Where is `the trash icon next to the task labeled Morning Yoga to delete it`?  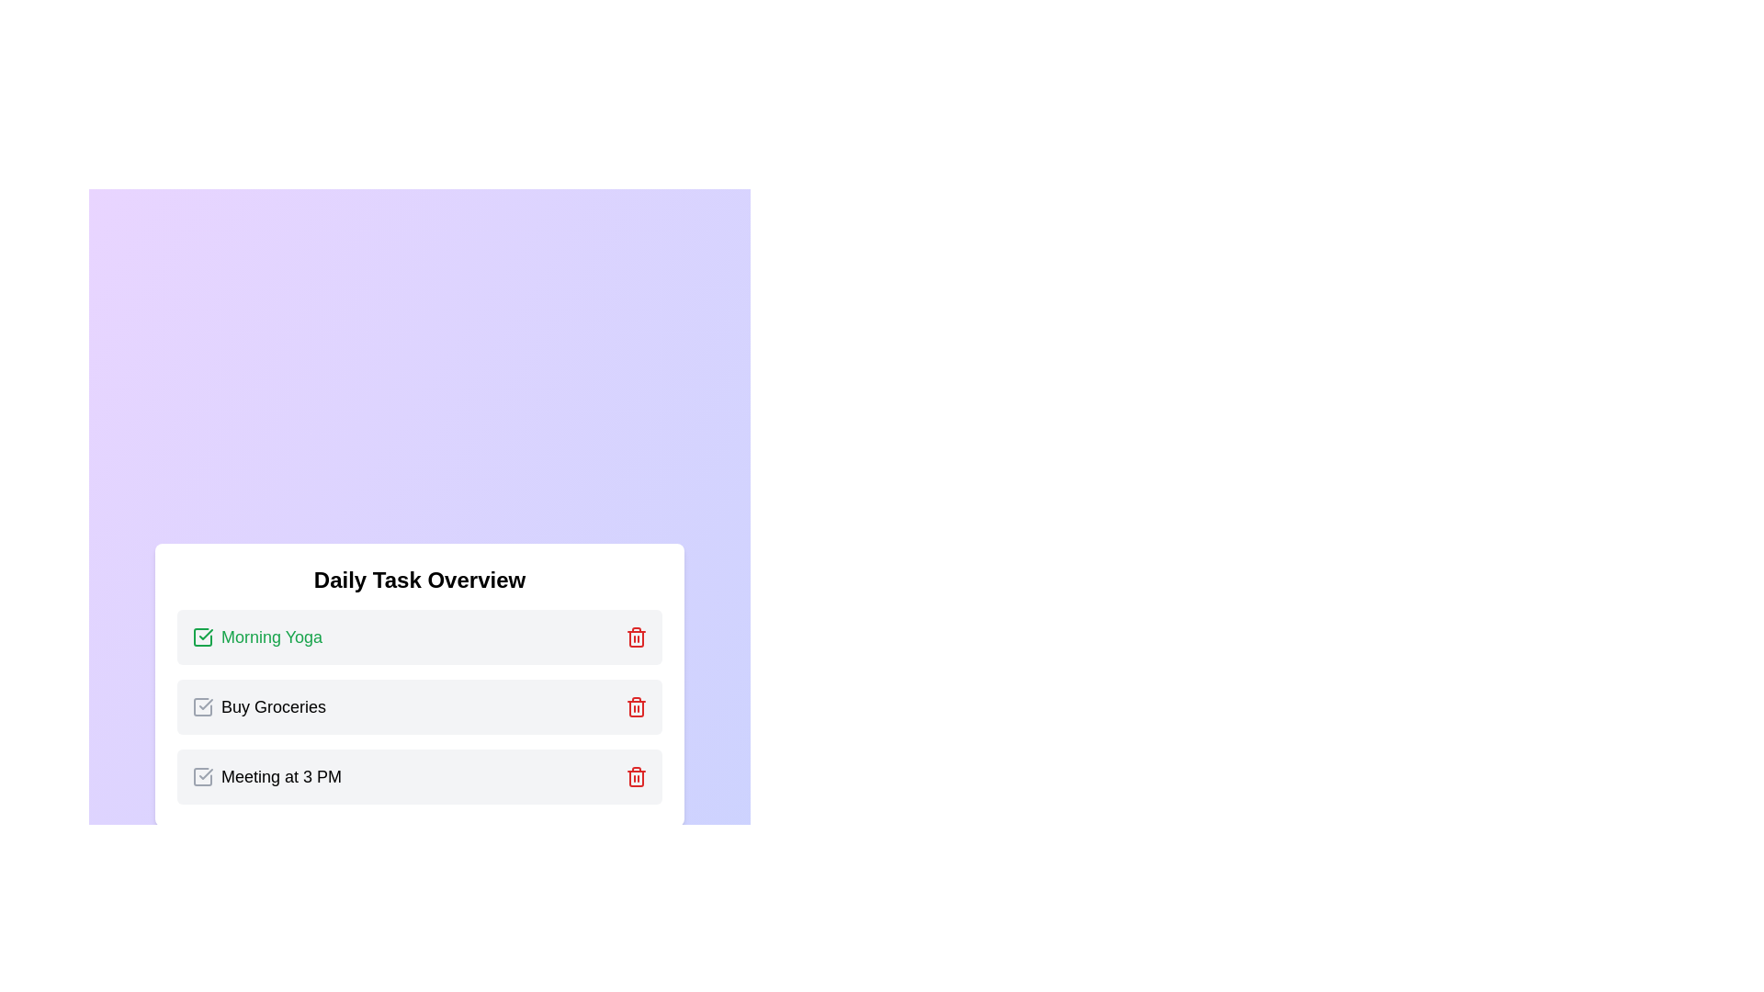
the trash icon next to the task labeled Morning Yoga to delete it is located at coordinates (636, 637).